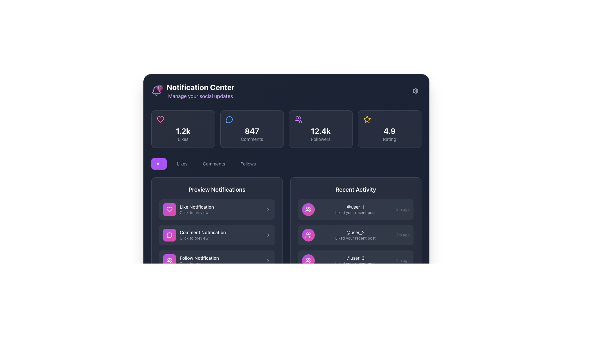  What do you see at coordinates (403, 235) in the screenshot?
I see `the timestamp text label indicating the time since the associated activity occurred, located at the far right of the notification card in the 'Recent Activity' section to read its content` at bounding box center [403, 235].